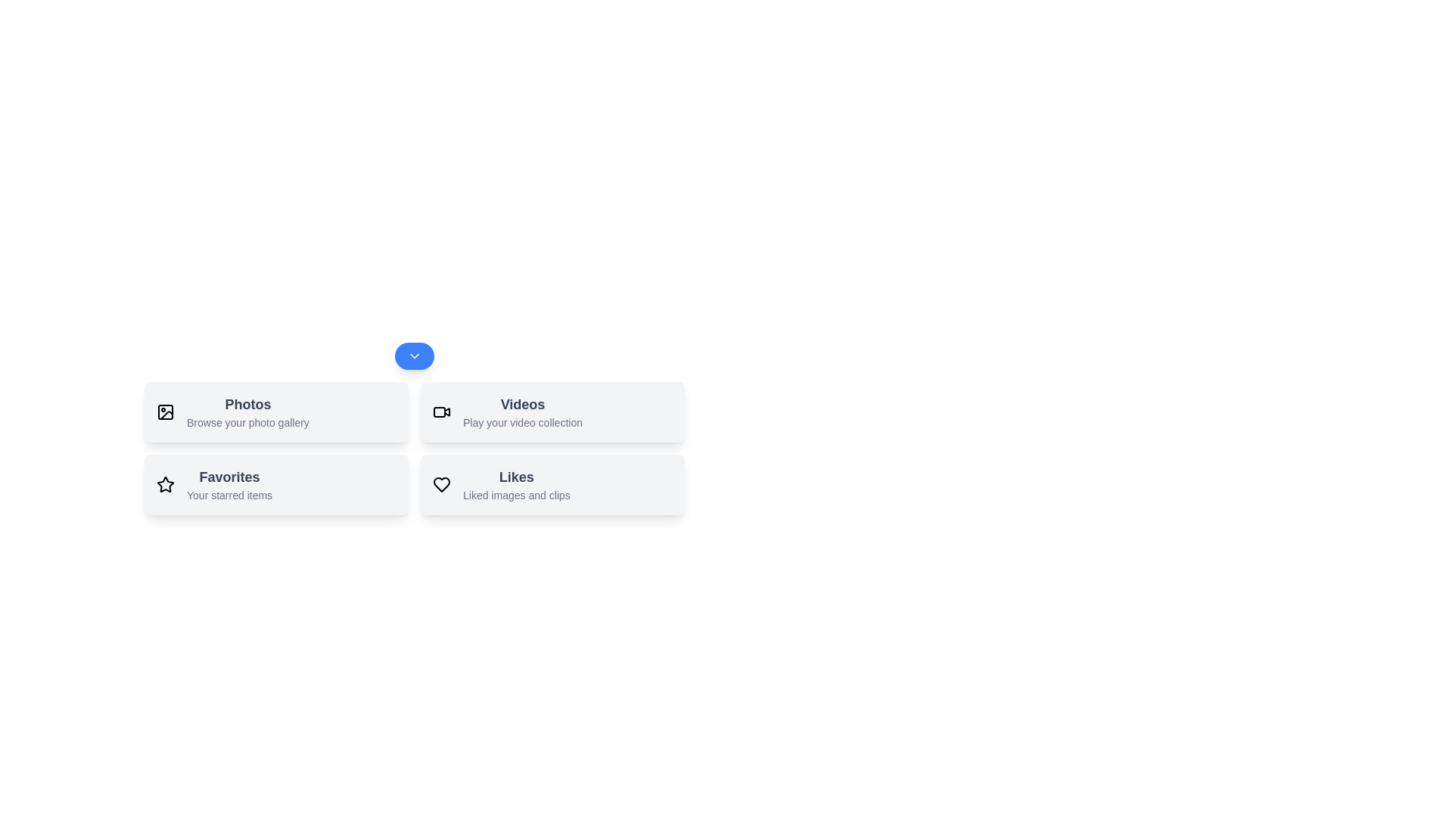  Describe the element at coordinates (552, 484) in the screenshot. I see `the action Likes by clicking its respective button` at that location.